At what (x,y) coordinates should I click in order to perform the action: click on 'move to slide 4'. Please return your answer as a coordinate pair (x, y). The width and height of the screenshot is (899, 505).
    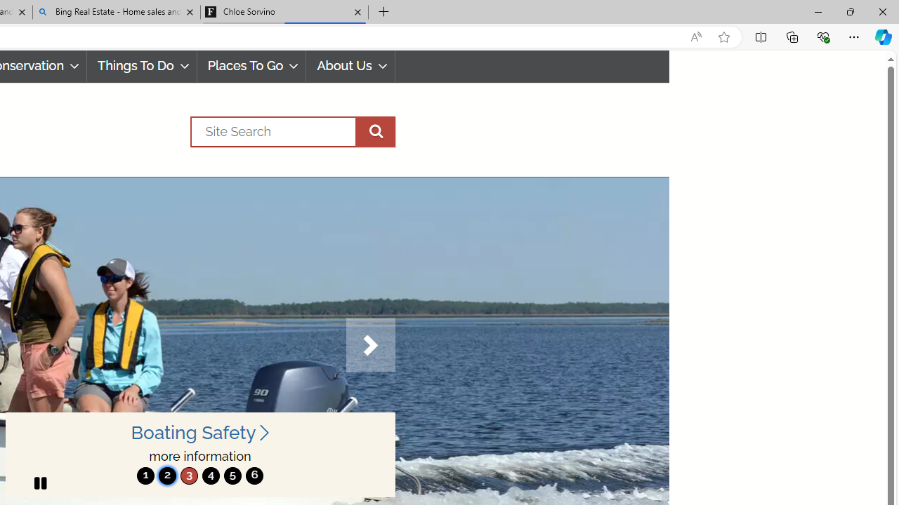
    Looking at the image, I should click on (210, 475).